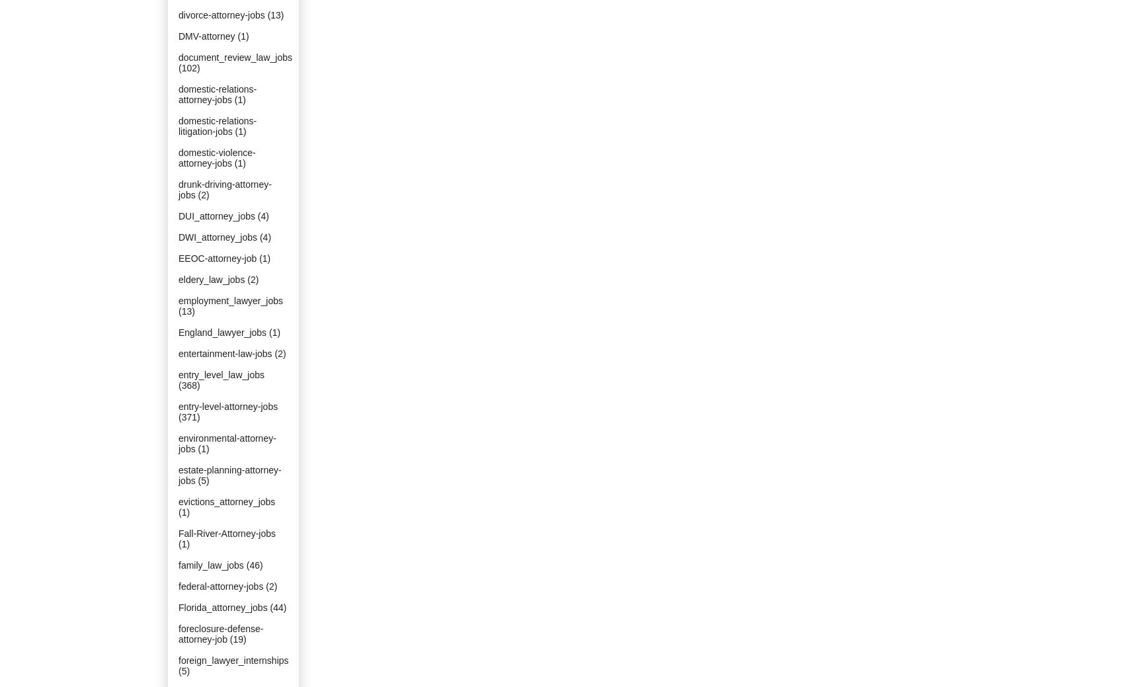 The width and height of the screenshot is (1124, 687). What do you see at coordinates (221, 331) in the screenshot?
I see `'England_lawyer_jobs'` at bounding box center [221, 331].